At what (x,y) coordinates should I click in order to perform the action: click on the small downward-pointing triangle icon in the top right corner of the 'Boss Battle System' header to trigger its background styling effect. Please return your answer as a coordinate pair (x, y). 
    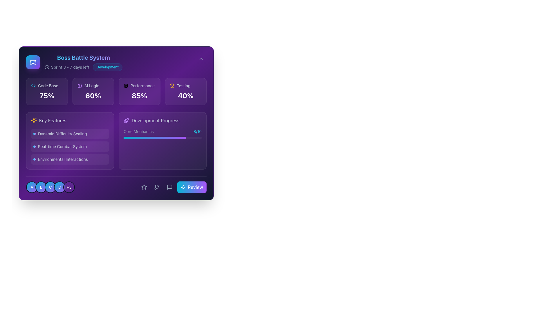
    Looking at the image, I should click on (201, 59).